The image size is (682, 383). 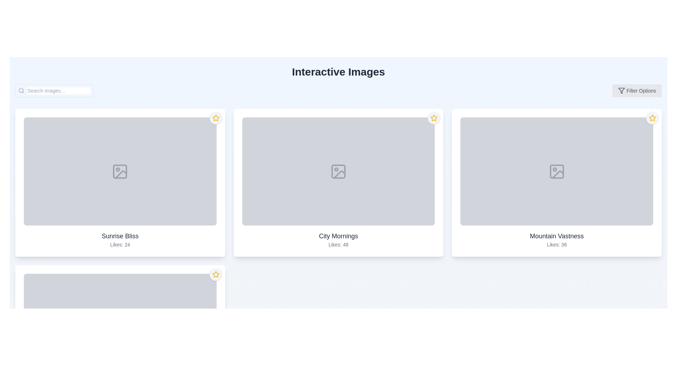 I want to click on the gray rectangular placeholder for media content located at the top of the 'City Mornings' card, which has an embossed symbol in the center, so click(x=338, y=171).